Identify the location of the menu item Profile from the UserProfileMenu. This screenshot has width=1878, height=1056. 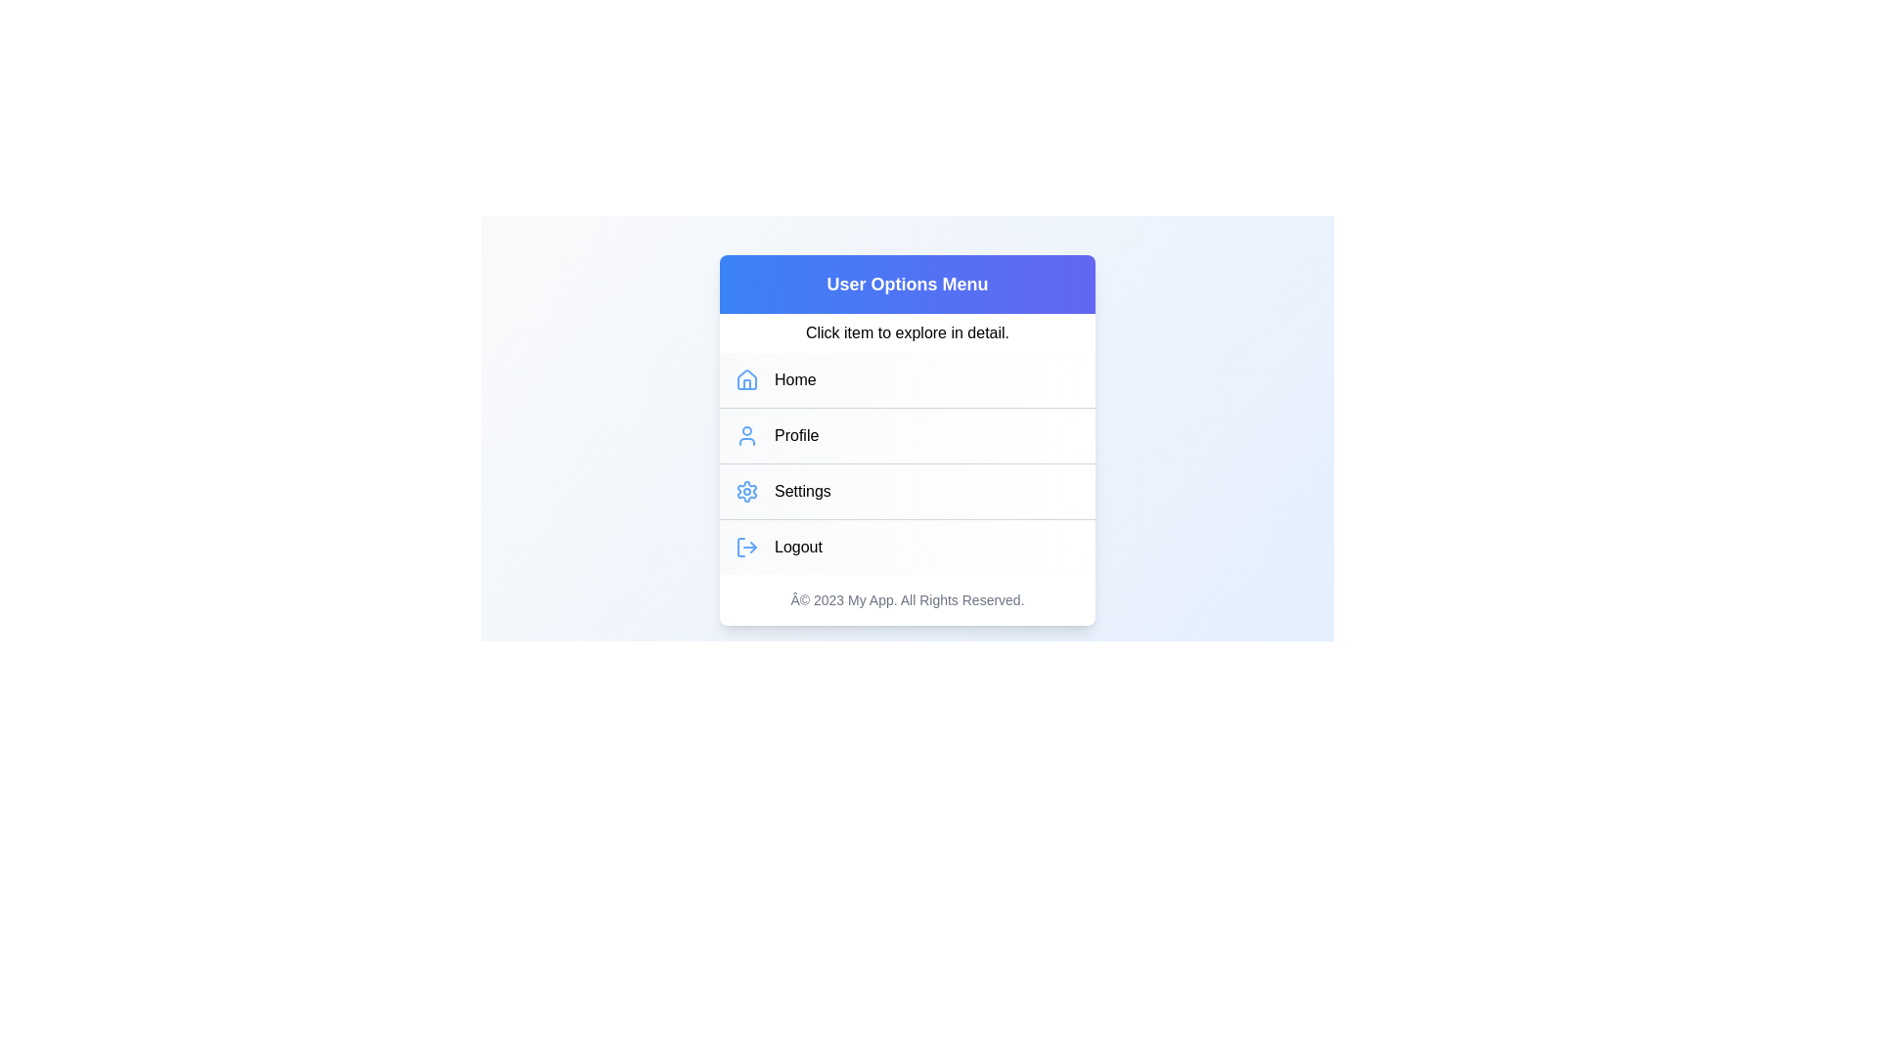
(906, 434).